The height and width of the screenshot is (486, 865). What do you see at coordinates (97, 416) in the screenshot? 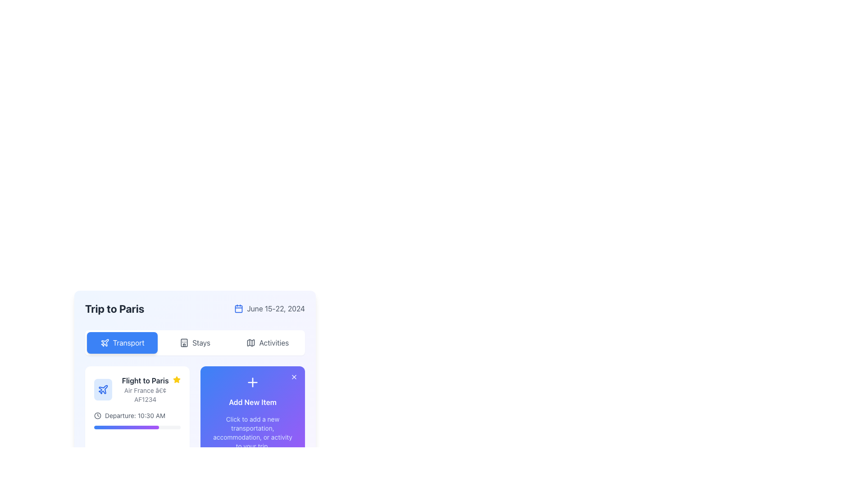
I see `the 'time' icon indicator located to the left of the 'Departure: 10:30 AM' text inside the white card component in the transport section of the trip planner interface` at bounding box center [97, 416].